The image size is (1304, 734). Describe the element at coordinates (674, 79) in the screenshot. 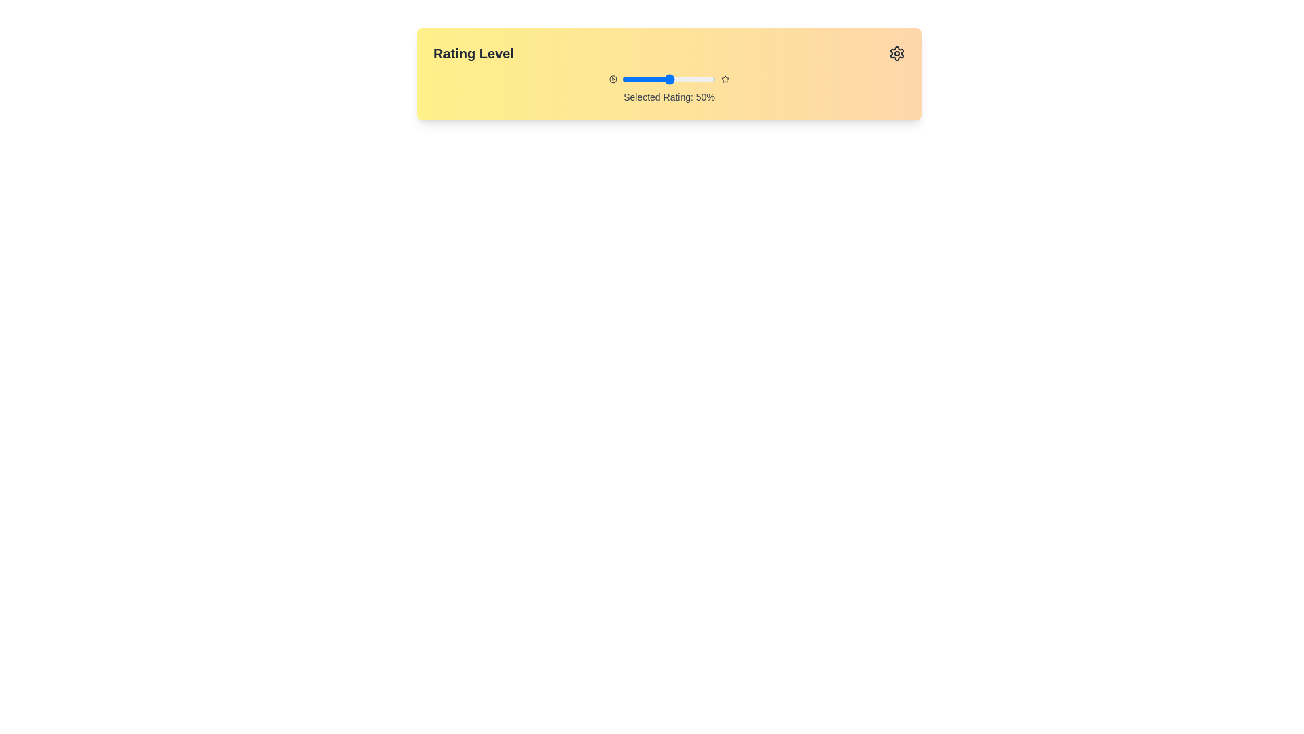

I see `the slider` at that location.